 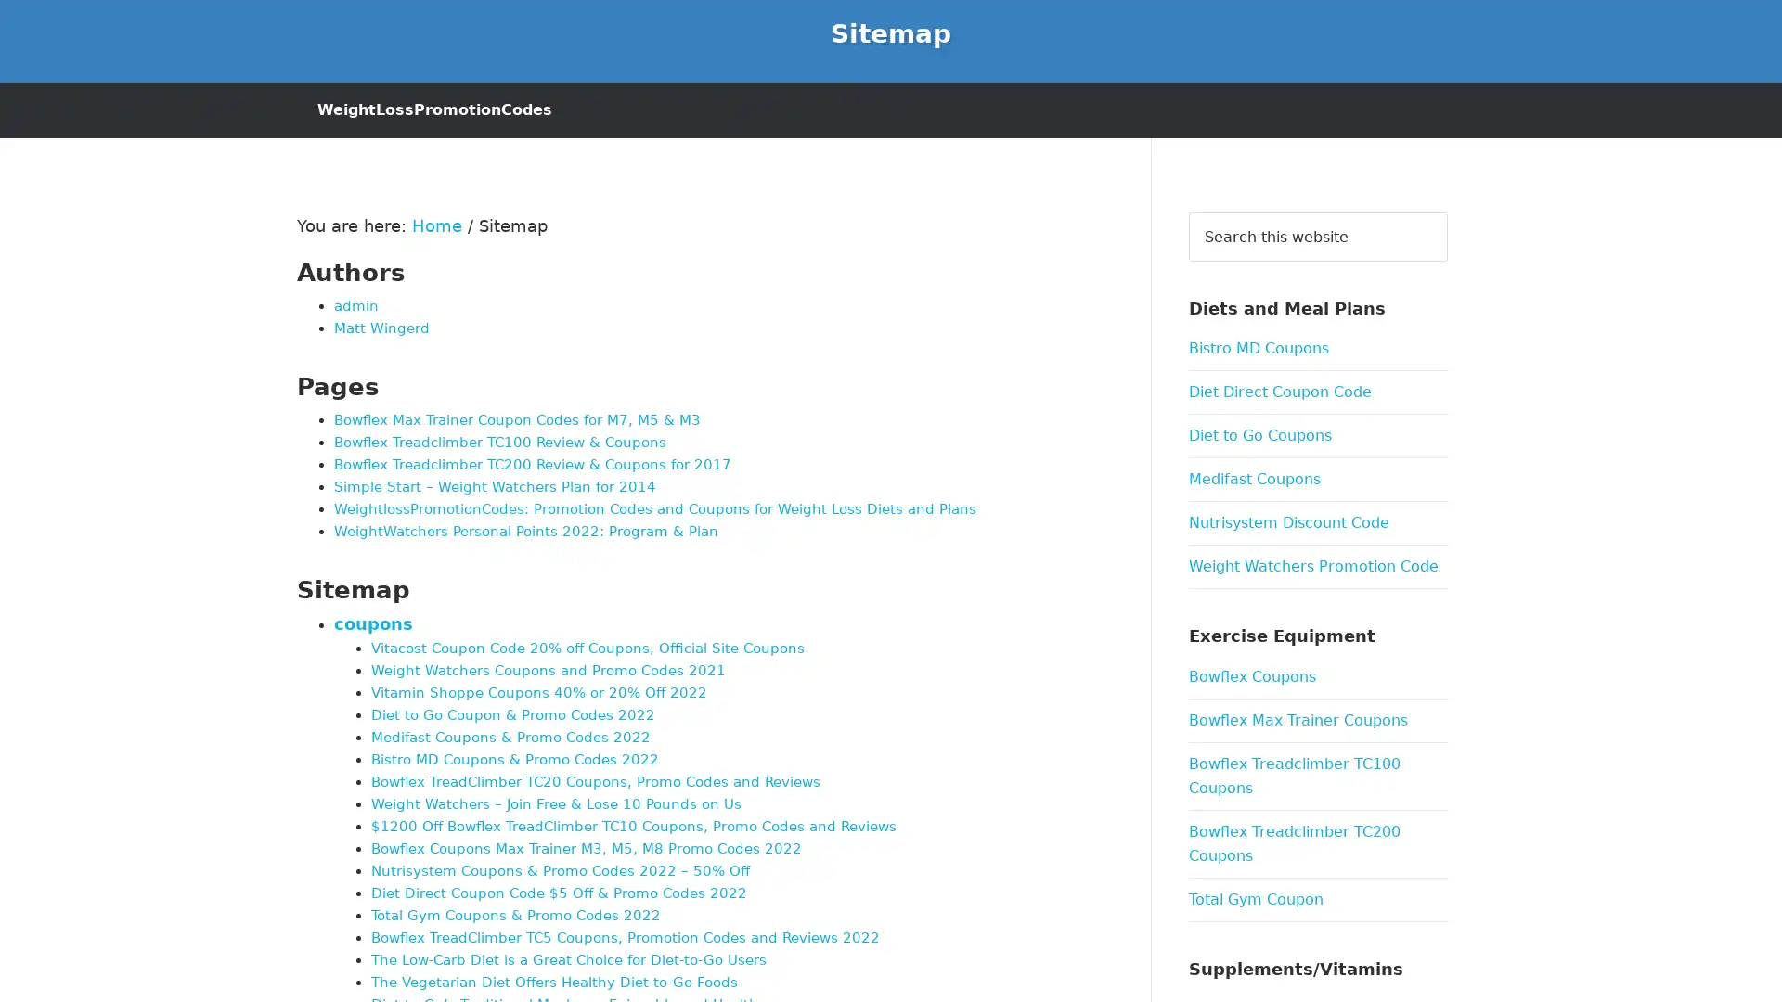 I want to click on Search, so click(x=1446, y=210).